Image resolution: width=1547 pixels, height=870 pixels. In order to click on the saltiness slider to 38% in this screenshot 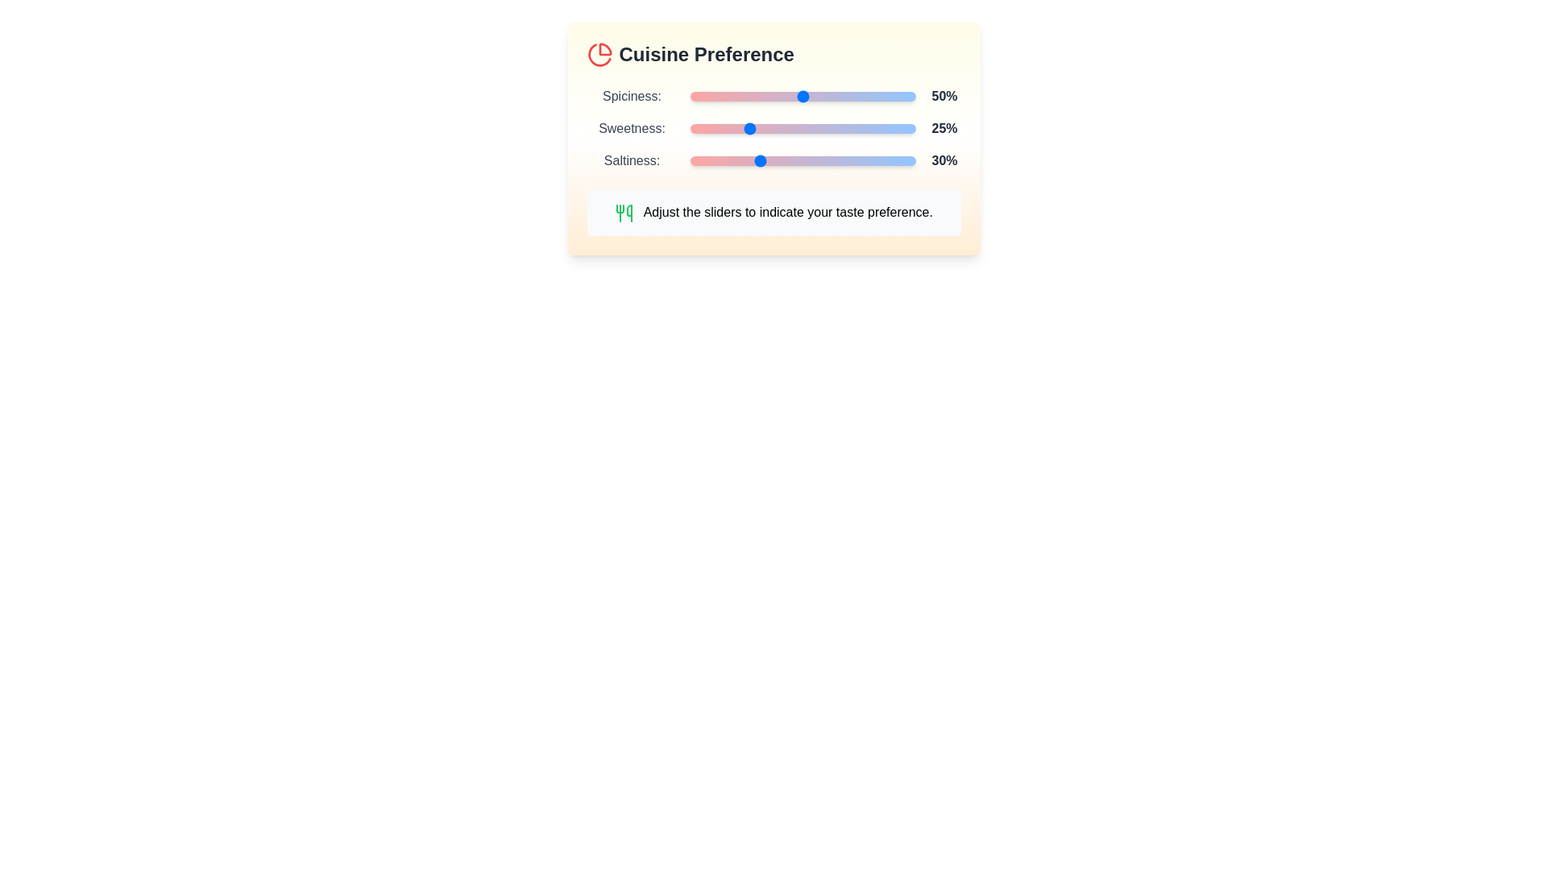, I will do `click(775, 161)`.